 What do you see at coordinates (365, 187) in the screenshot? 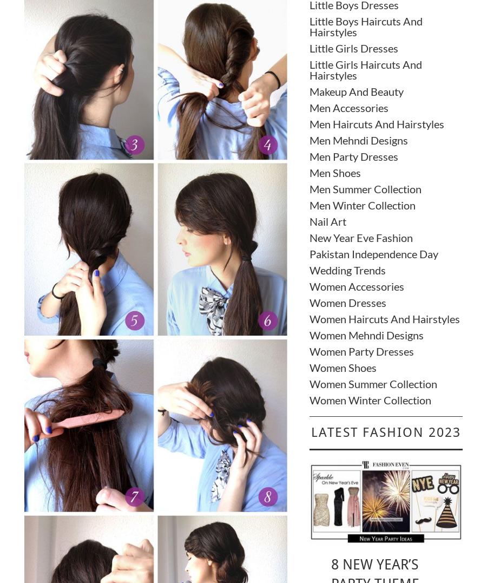
I see `'Men Summer Collection'` at bounding box center [365, 187].